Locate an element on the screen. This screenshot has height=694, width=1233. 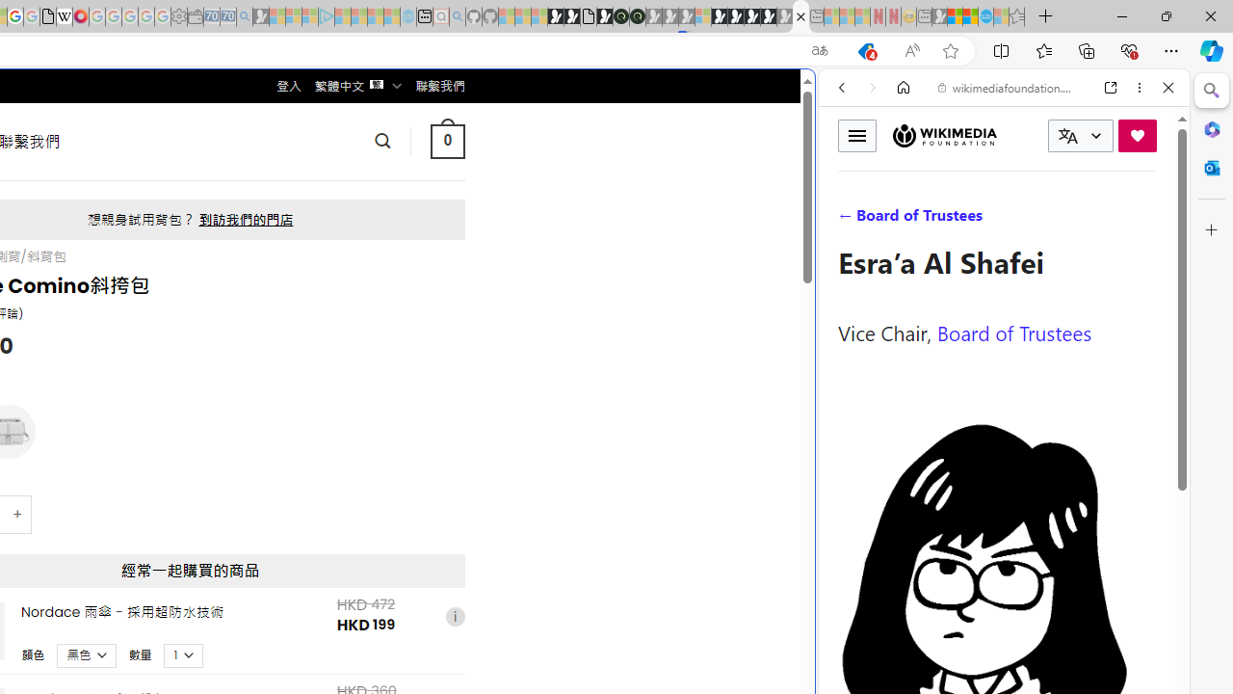
'Tabs you' is located at coordinates (266, 255).